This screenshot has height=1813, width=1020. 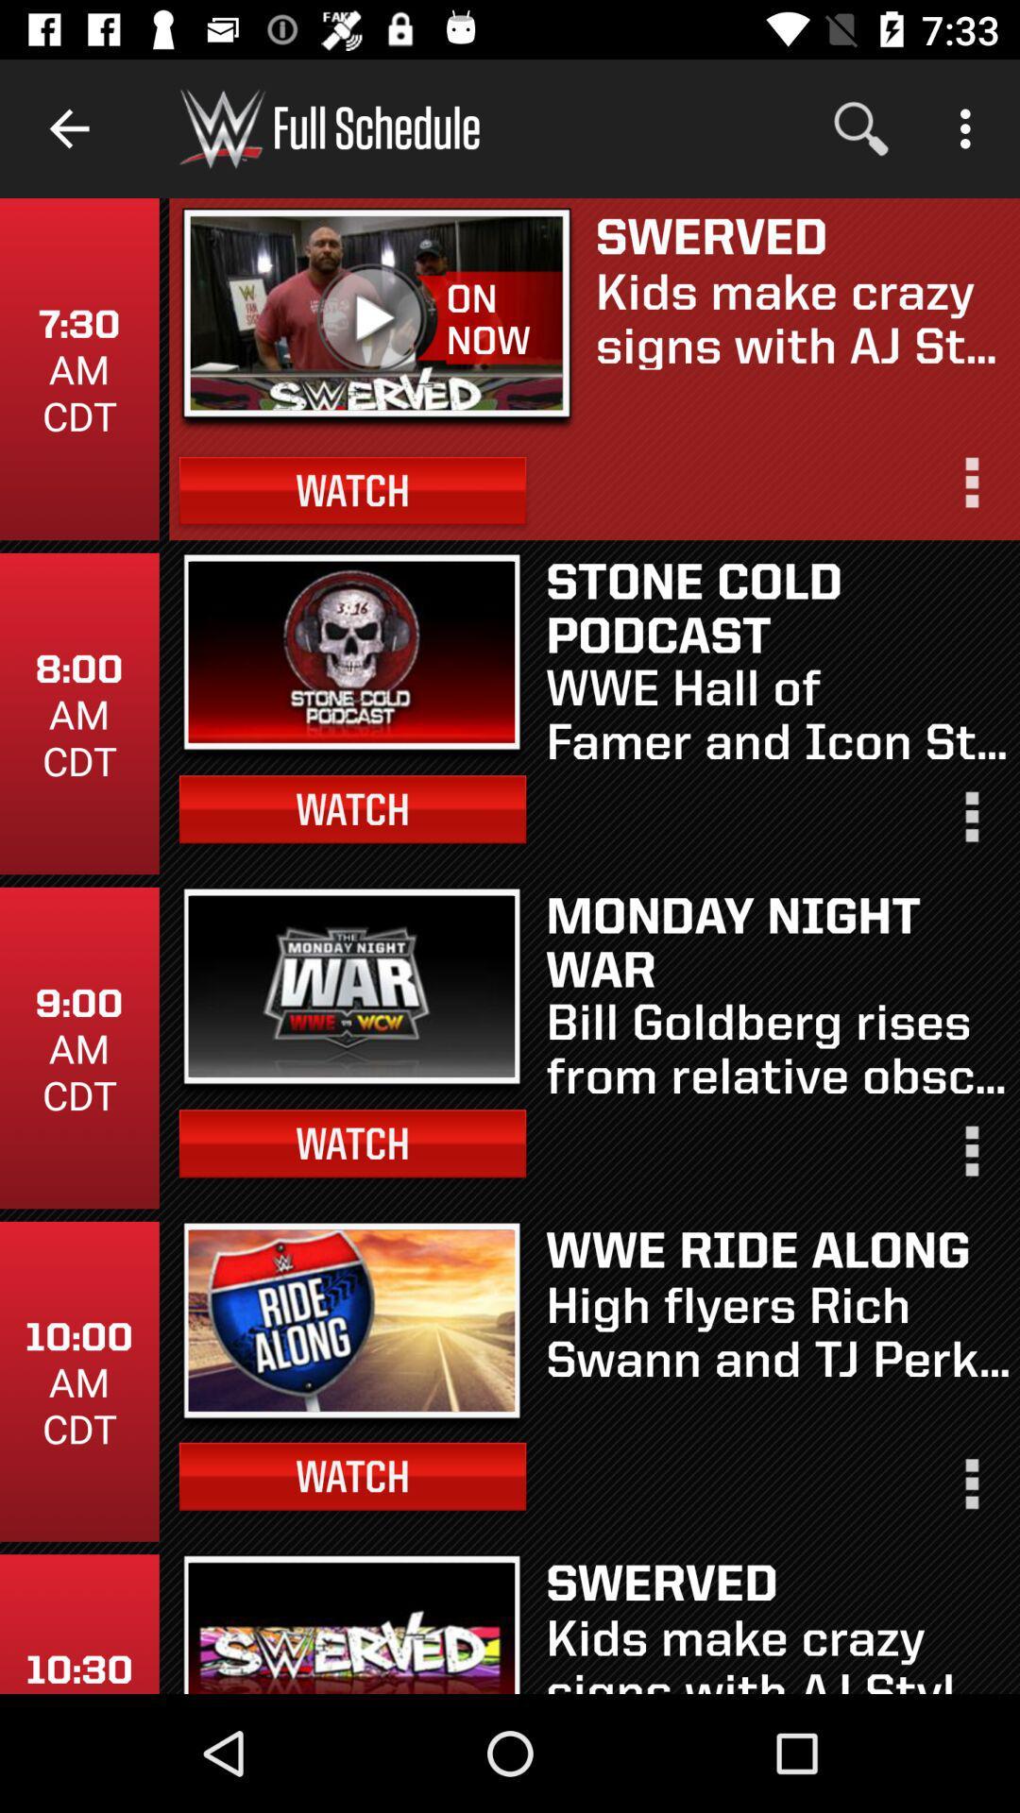 I want to click on high flyers rich icon, so click(x=777, y=1329).